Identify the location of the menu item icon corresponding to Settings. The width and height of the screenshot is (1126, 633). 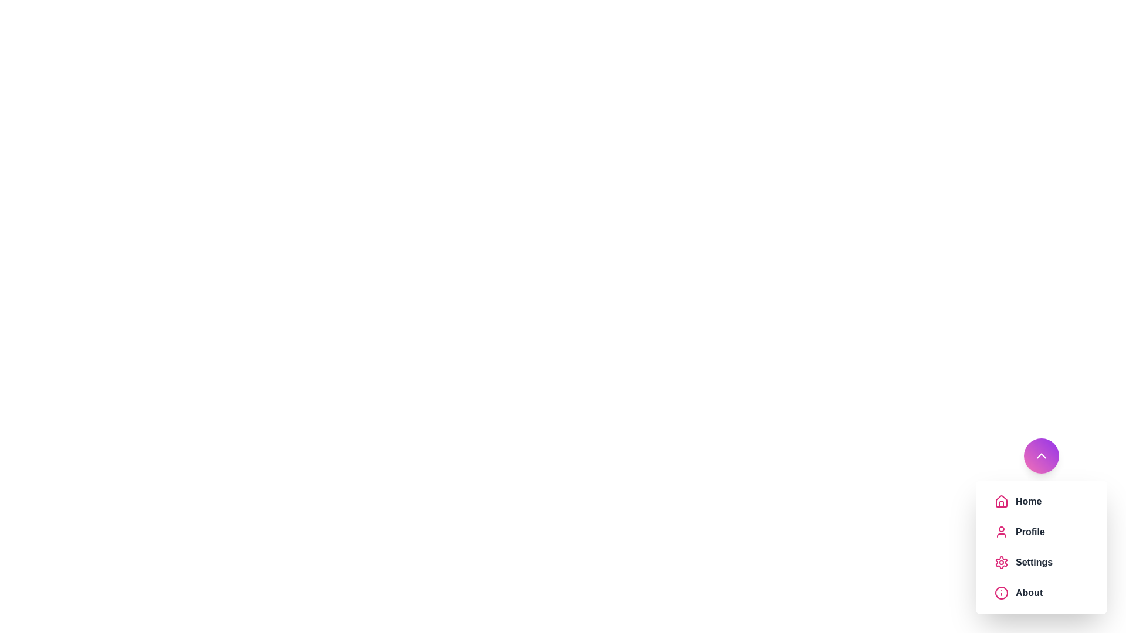
(1001, 562).